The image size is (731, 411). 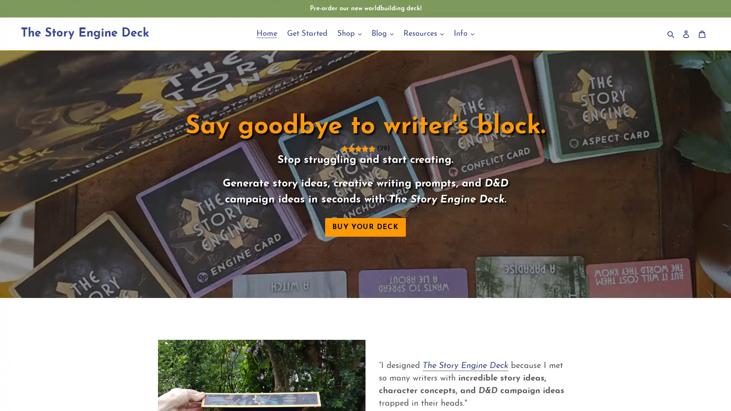 I want to click on Blog, so click(x=382, y=33).